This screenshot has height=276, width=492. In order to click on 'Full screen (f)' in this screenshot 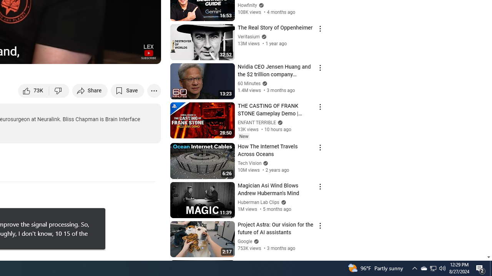, I will do `click(147, 54)`.